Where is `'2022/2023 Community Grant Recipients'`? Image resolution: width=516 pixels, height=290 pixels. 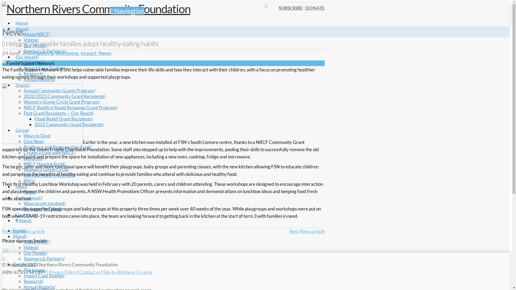
'2022/2023 Community Grant Recipients' is located at coordinates (64, 96).